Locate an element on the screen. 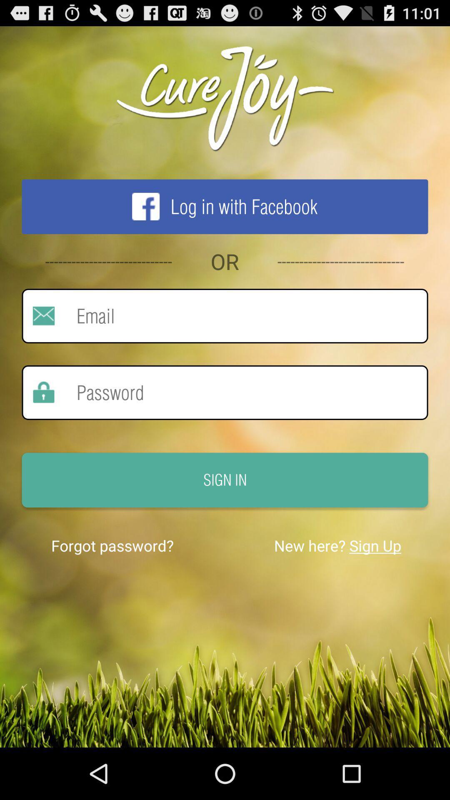  email is located at coordinates (241, 315).